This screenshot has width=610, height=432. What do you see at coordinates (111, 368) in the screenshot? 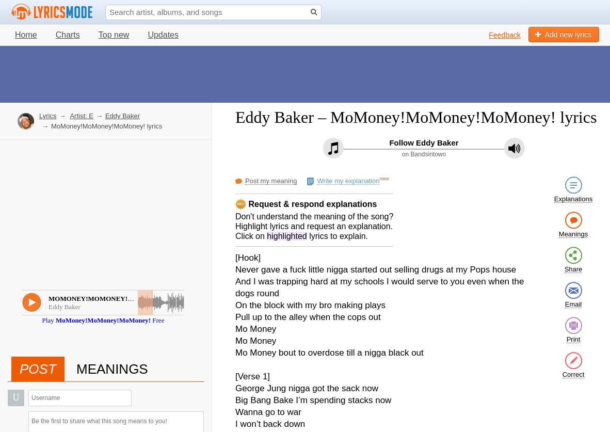
I see `'meanings'` at bounding box center [111, 368].